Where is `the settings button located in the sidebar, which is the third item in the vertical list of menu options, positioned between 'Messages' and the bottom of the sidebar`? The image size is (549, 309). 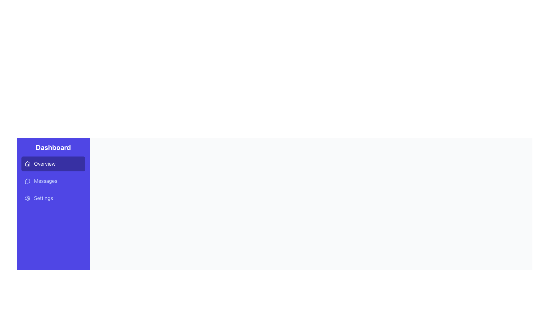 the settings button located in the sidebar, which is the third item in the vertical list of menu options, positioned between 'Messages' and the bottom of the sidebar is located at coordinates (53, 198).